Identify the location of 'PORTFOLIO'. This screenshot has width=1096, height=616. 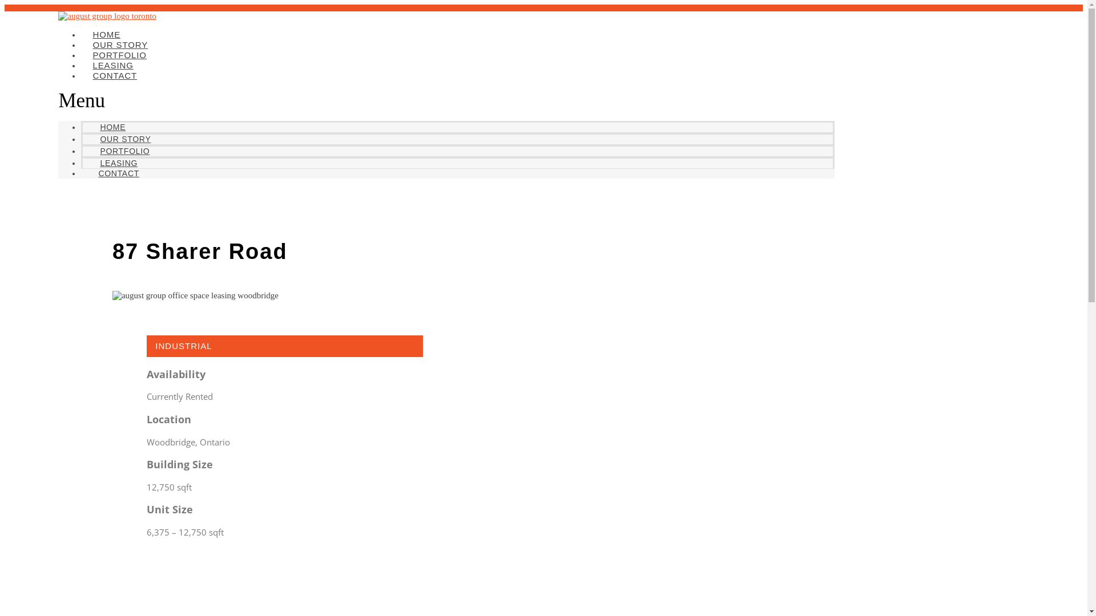
(124, 151).